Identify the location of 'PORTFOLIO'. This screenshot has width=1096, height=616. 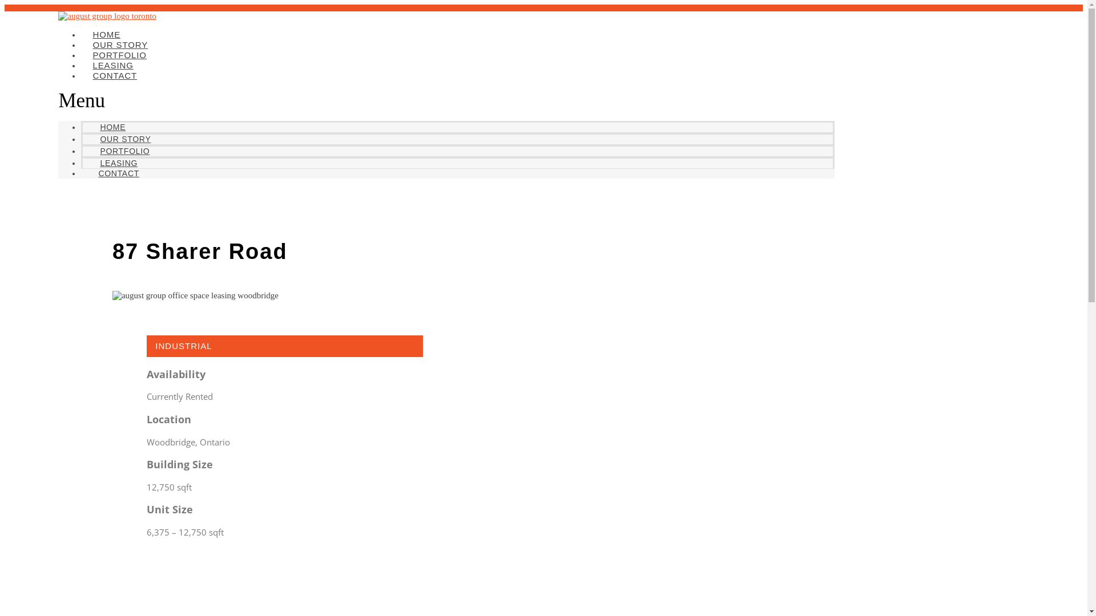
(124, 151).